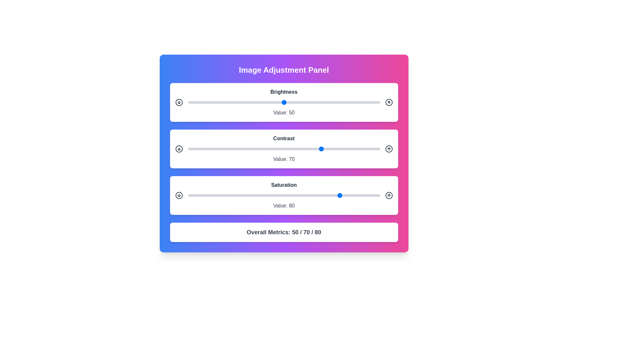 The height and width of the screenshot is (349, 622). Describe the element at coordinates (284, 70) in the screenshot. I see `the Header element that describes the image adjustment section, located at the top of the interface within a rounded box` at that location.